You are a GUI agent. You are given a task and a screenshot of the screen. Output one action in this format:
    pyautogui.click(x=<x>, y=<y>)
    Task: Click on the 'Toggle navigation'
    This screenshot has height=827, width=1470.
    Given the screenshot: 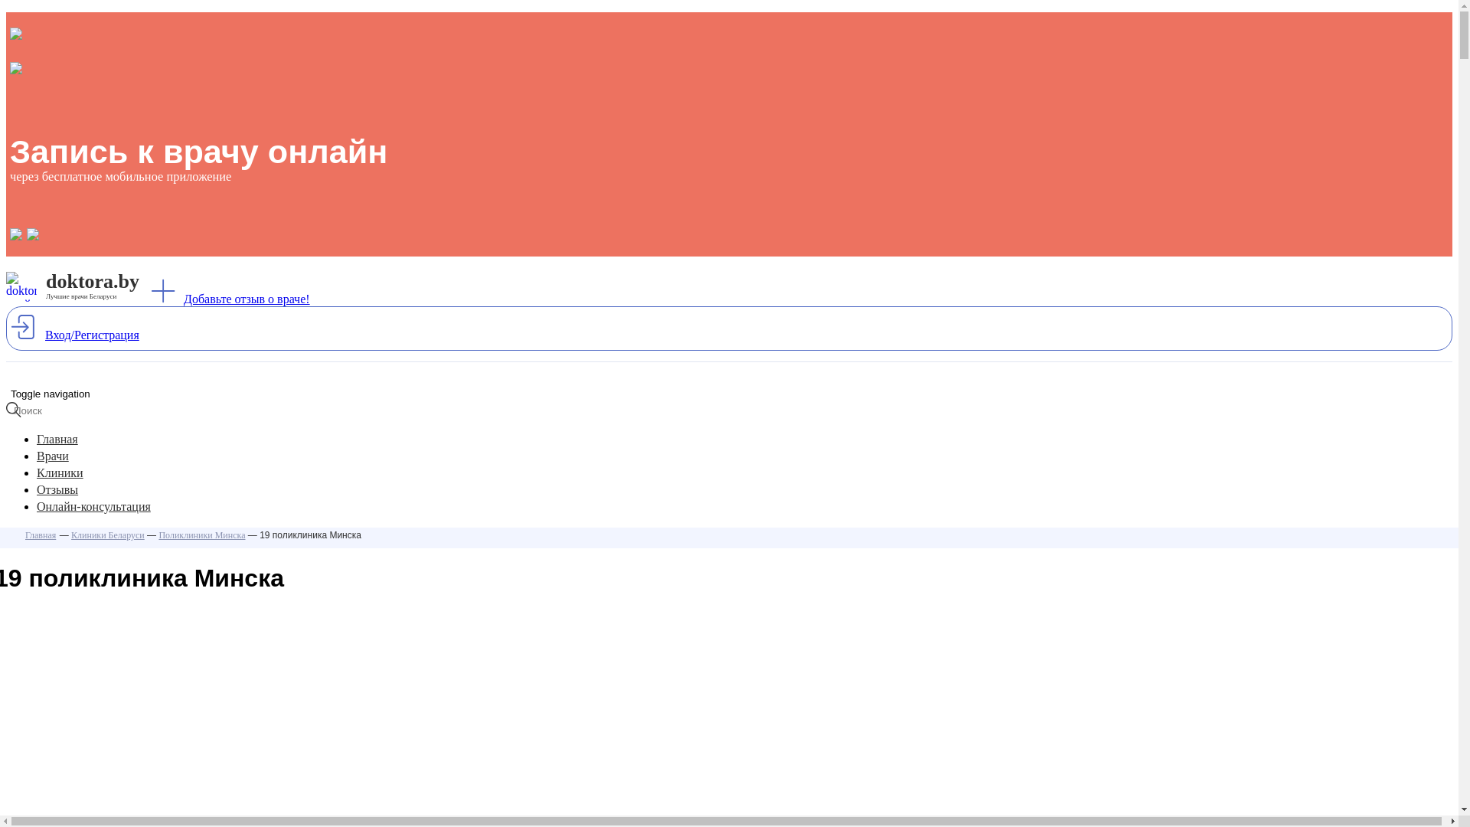 What is the action you would take?
    pyautogui.click(x=51, y=393)
    